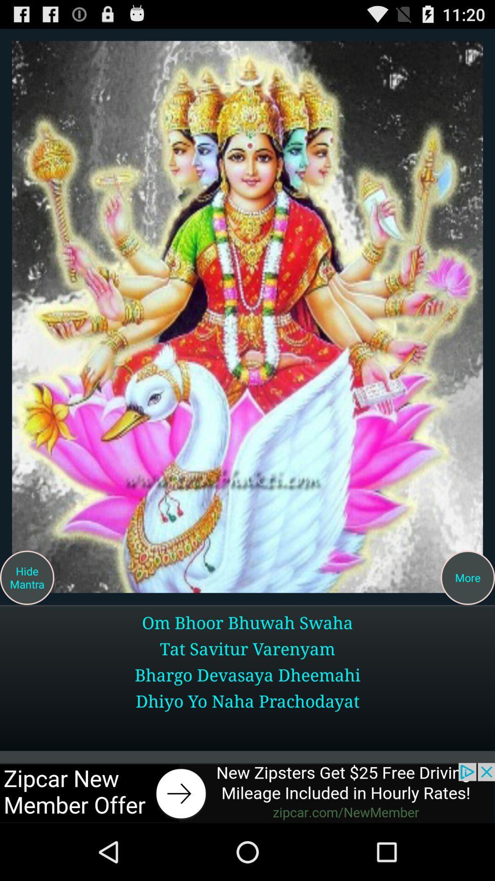 The image size is (495, 881). What do you see at coordinates (247, 792) in the screenshot?
I see `the option` at bounding box center [247, 792].